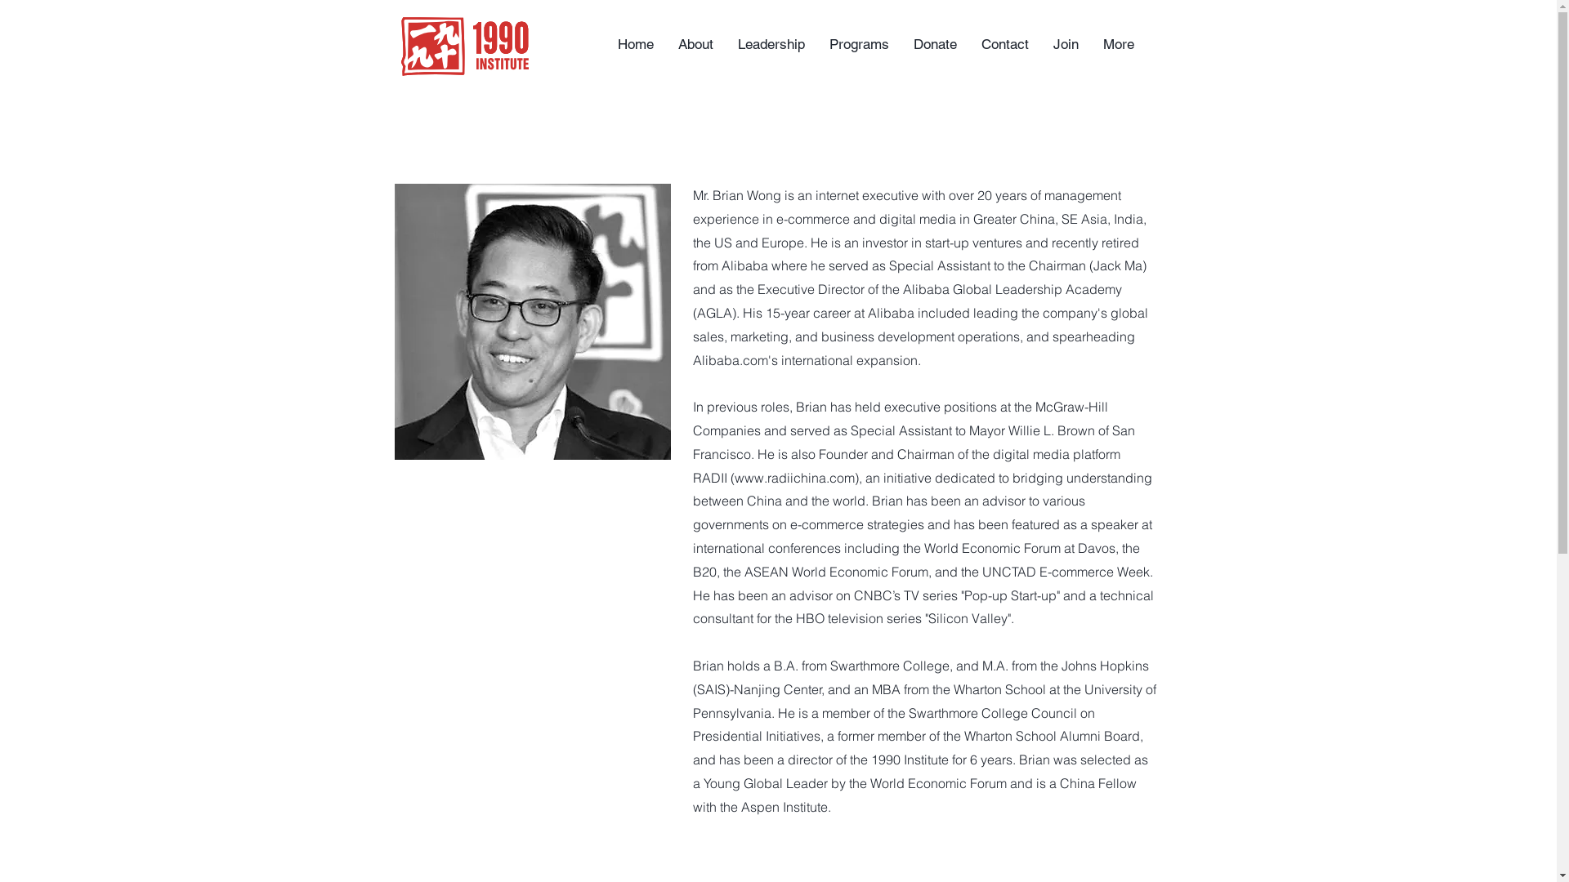 The height and width of the screenshot is (882, 1569). I want to click on 'About', so click(695, 43).